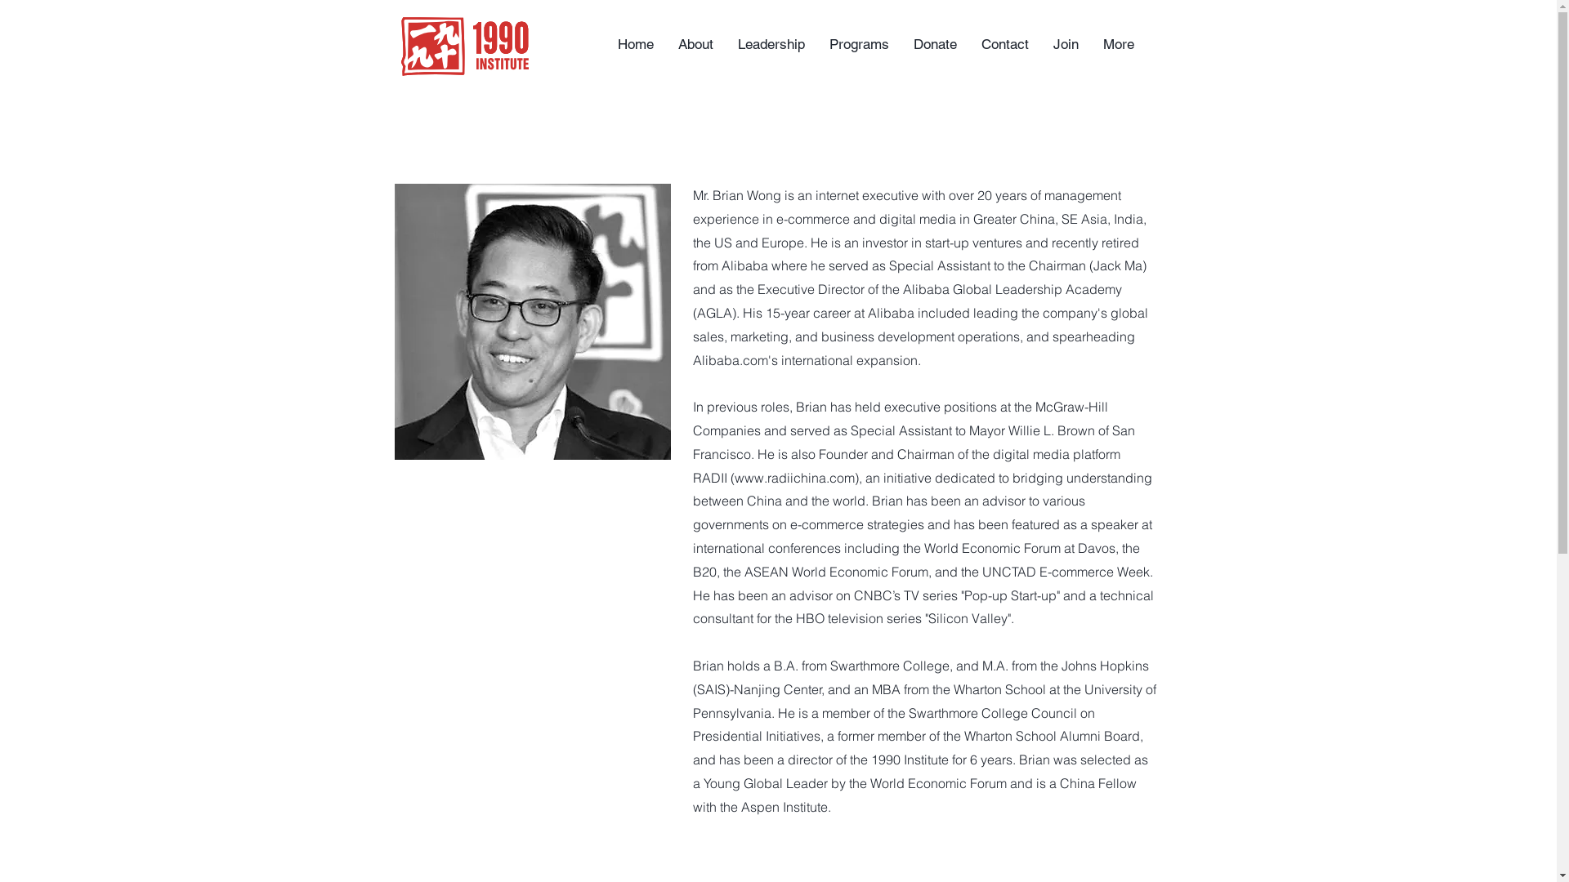 The height and width of the screenshot is (882, 1569). I want to click on 'About', so click(695, 43).